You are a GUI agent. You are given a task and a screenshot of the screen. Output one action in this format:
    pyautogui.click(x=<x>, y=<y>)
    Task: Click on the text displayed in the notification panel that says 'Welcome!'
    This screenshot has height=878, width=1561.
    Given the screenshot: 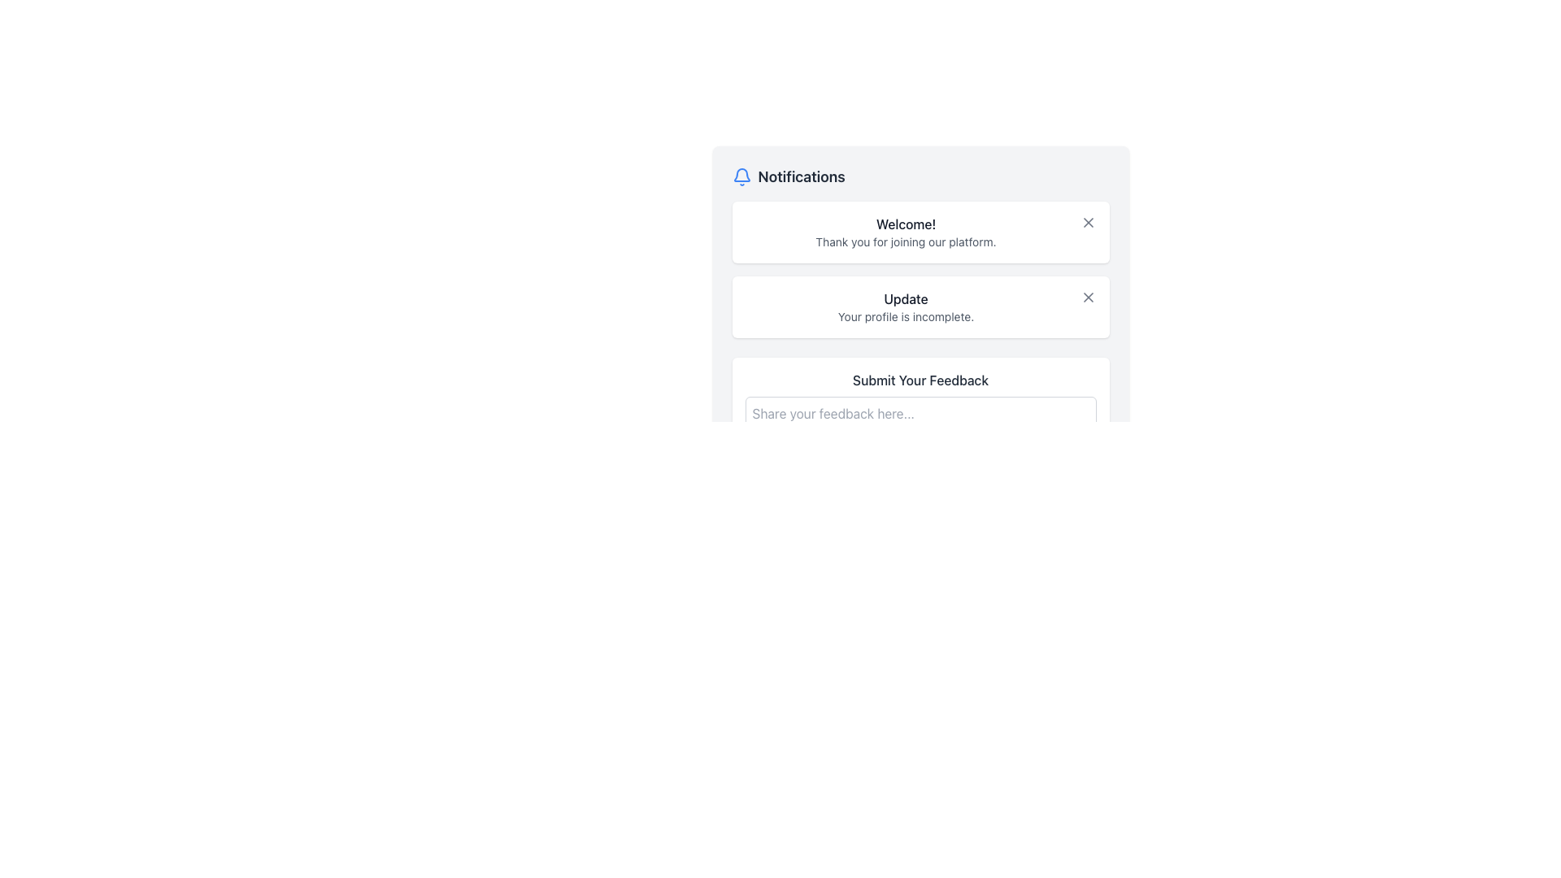 What is the action you would take?
    pyautogui.click(x=905, y=224)
    